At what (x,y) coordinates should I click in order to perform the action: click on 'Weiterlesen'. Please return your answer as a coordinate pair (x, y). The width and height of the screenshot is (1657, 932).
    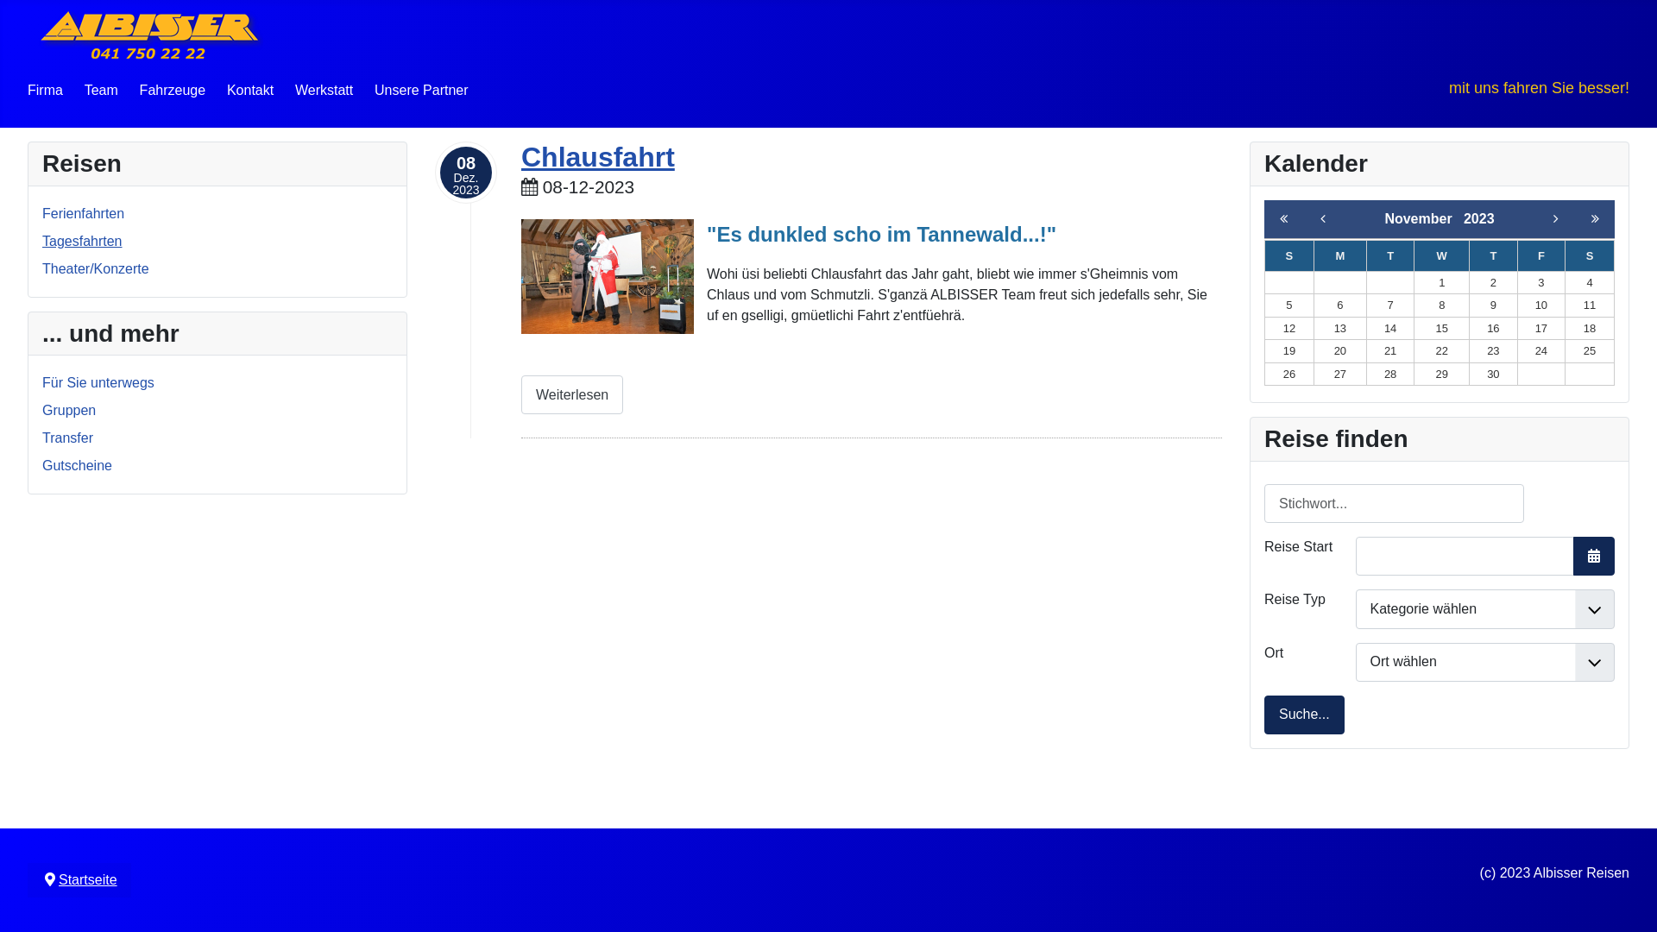
    Looking at the image, I should click on (571, 394).